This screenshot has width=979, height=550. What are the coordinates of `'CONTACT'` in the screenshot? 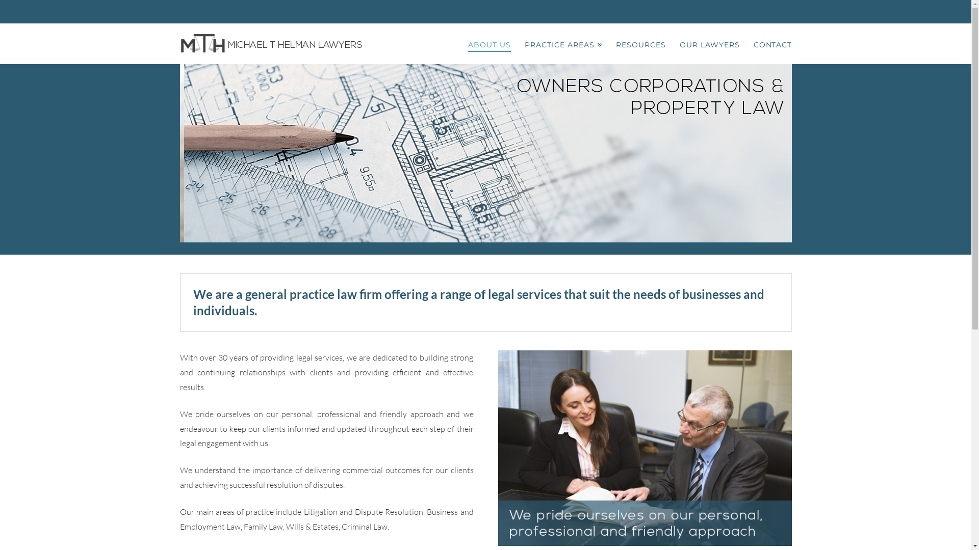 It's located at (769, 43).